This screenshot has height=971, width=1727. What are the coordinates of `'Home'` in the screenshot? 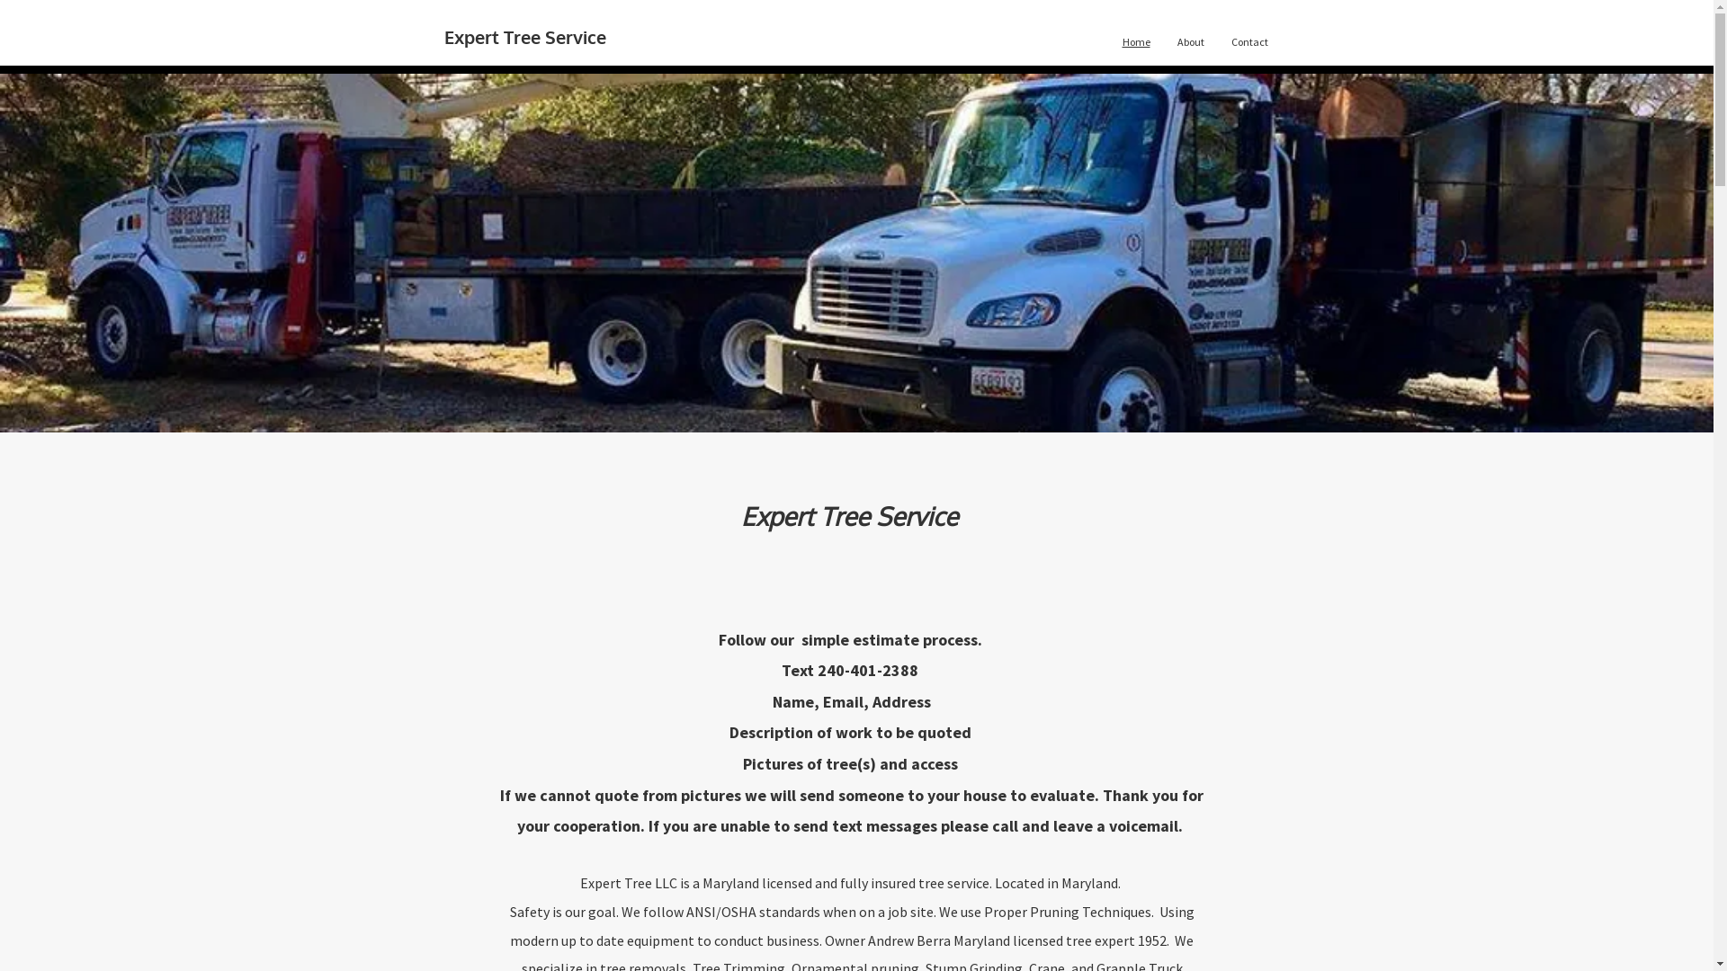 It's located at (1134, 40).